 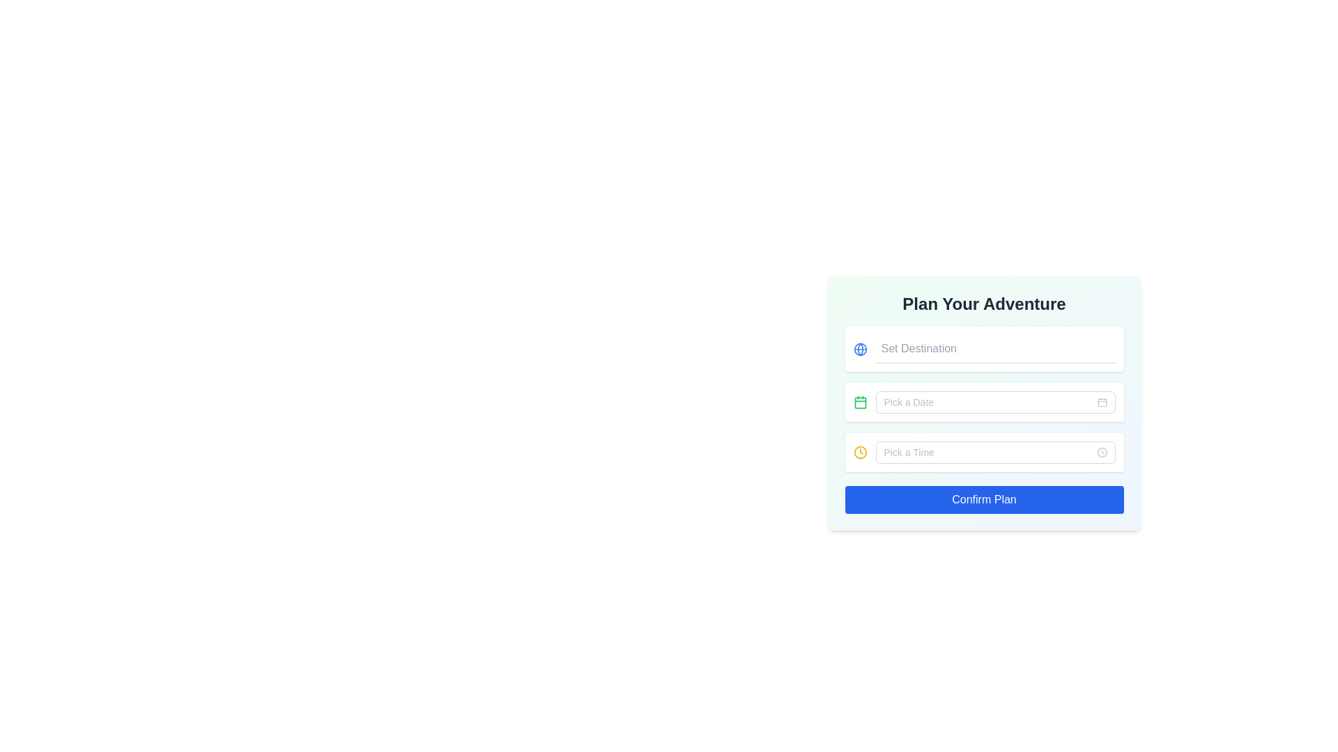 I want to click on the large blue 'Confirm Plan' button, so click(x=983, y=499).